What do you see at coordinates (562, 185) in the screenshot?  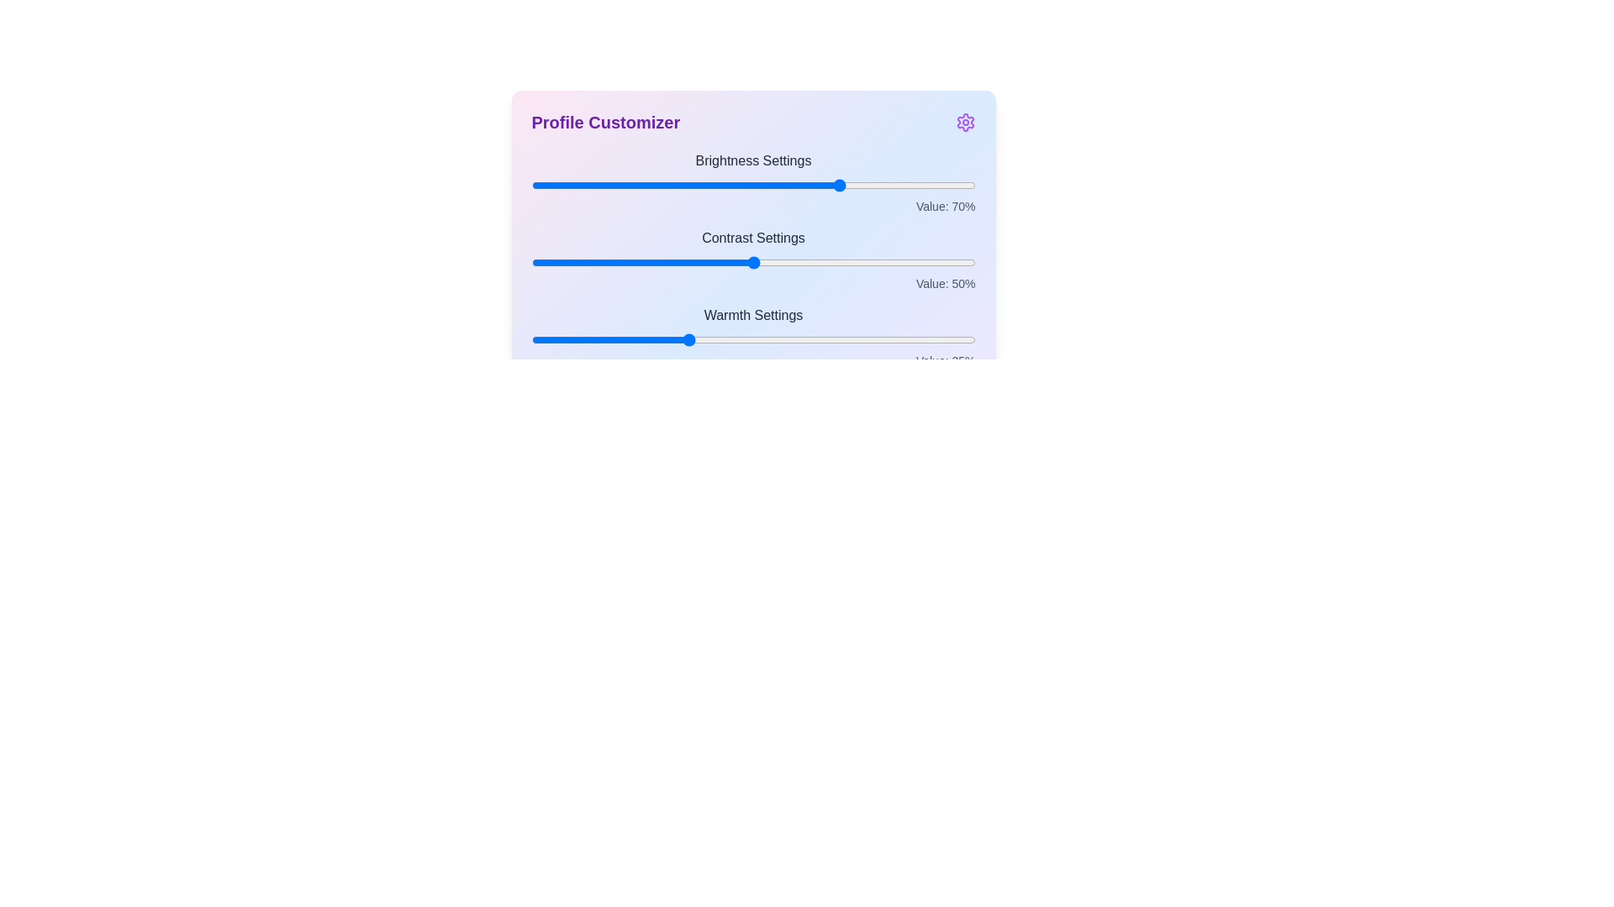 I see `the 0 slider to 7%` at bounding box center [562, 185].